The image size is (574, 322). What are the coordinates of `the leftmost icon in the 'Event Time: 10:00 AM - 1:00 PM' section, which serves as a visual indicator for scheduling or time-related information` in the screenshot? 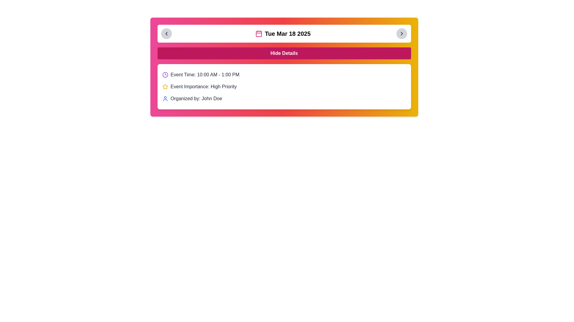 It's located at (165, 74).